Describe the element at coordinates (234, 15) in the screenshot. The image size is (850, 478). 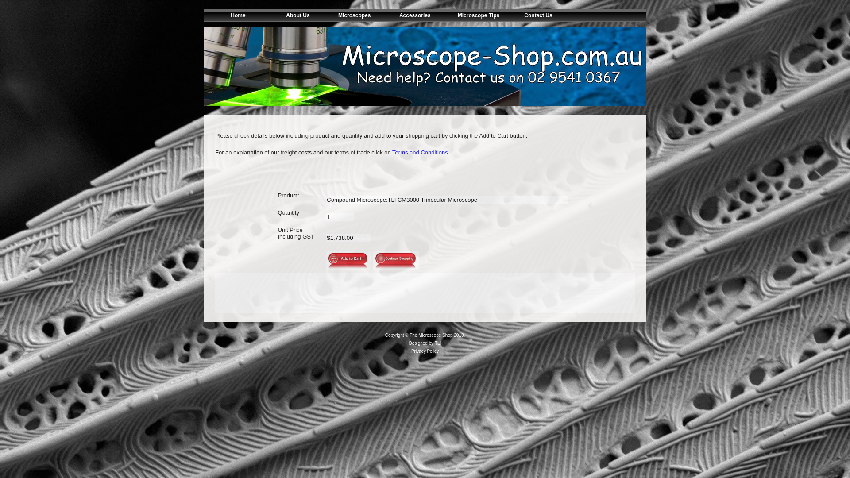
I see `'Home'` at that location.